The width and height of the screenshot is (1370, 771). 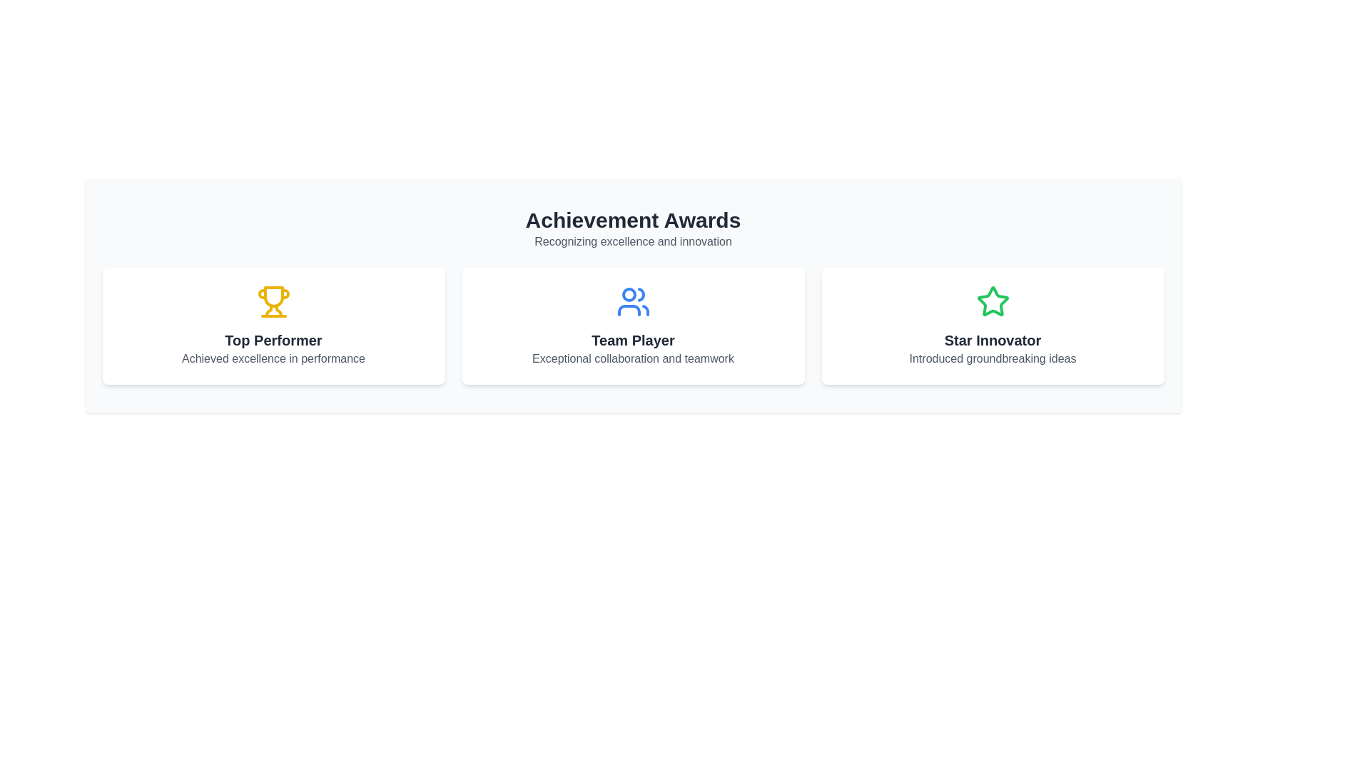 What do you see at coordinates (273, 296) in the screenshot?
I see `the trophy-shaped icon in orange color, which is located in the center of the white card titled 'Top Performer.'` at bounding box center [273, 296].